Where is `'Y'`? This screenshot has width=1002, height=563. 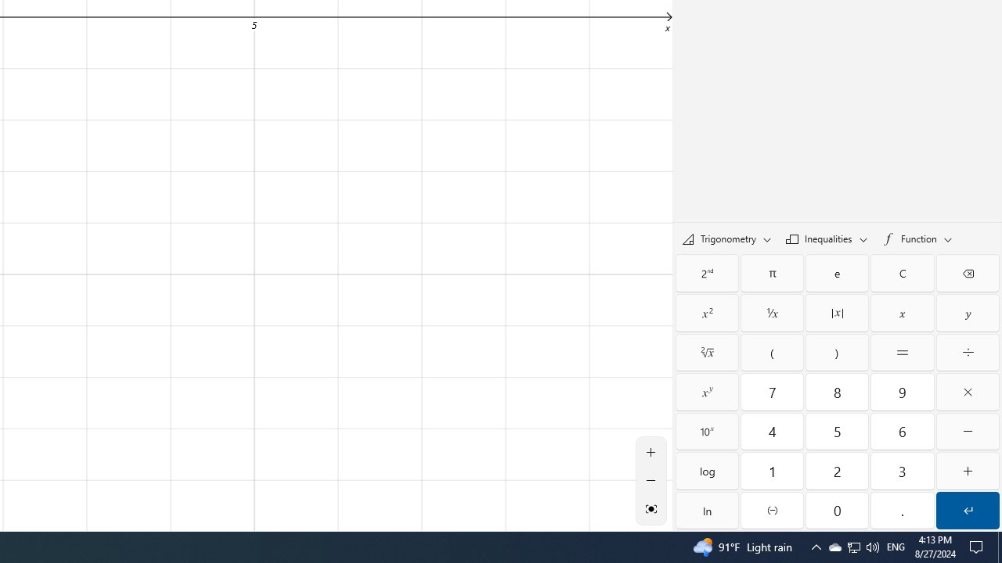
'Y' is located at coordinates (967, 313).